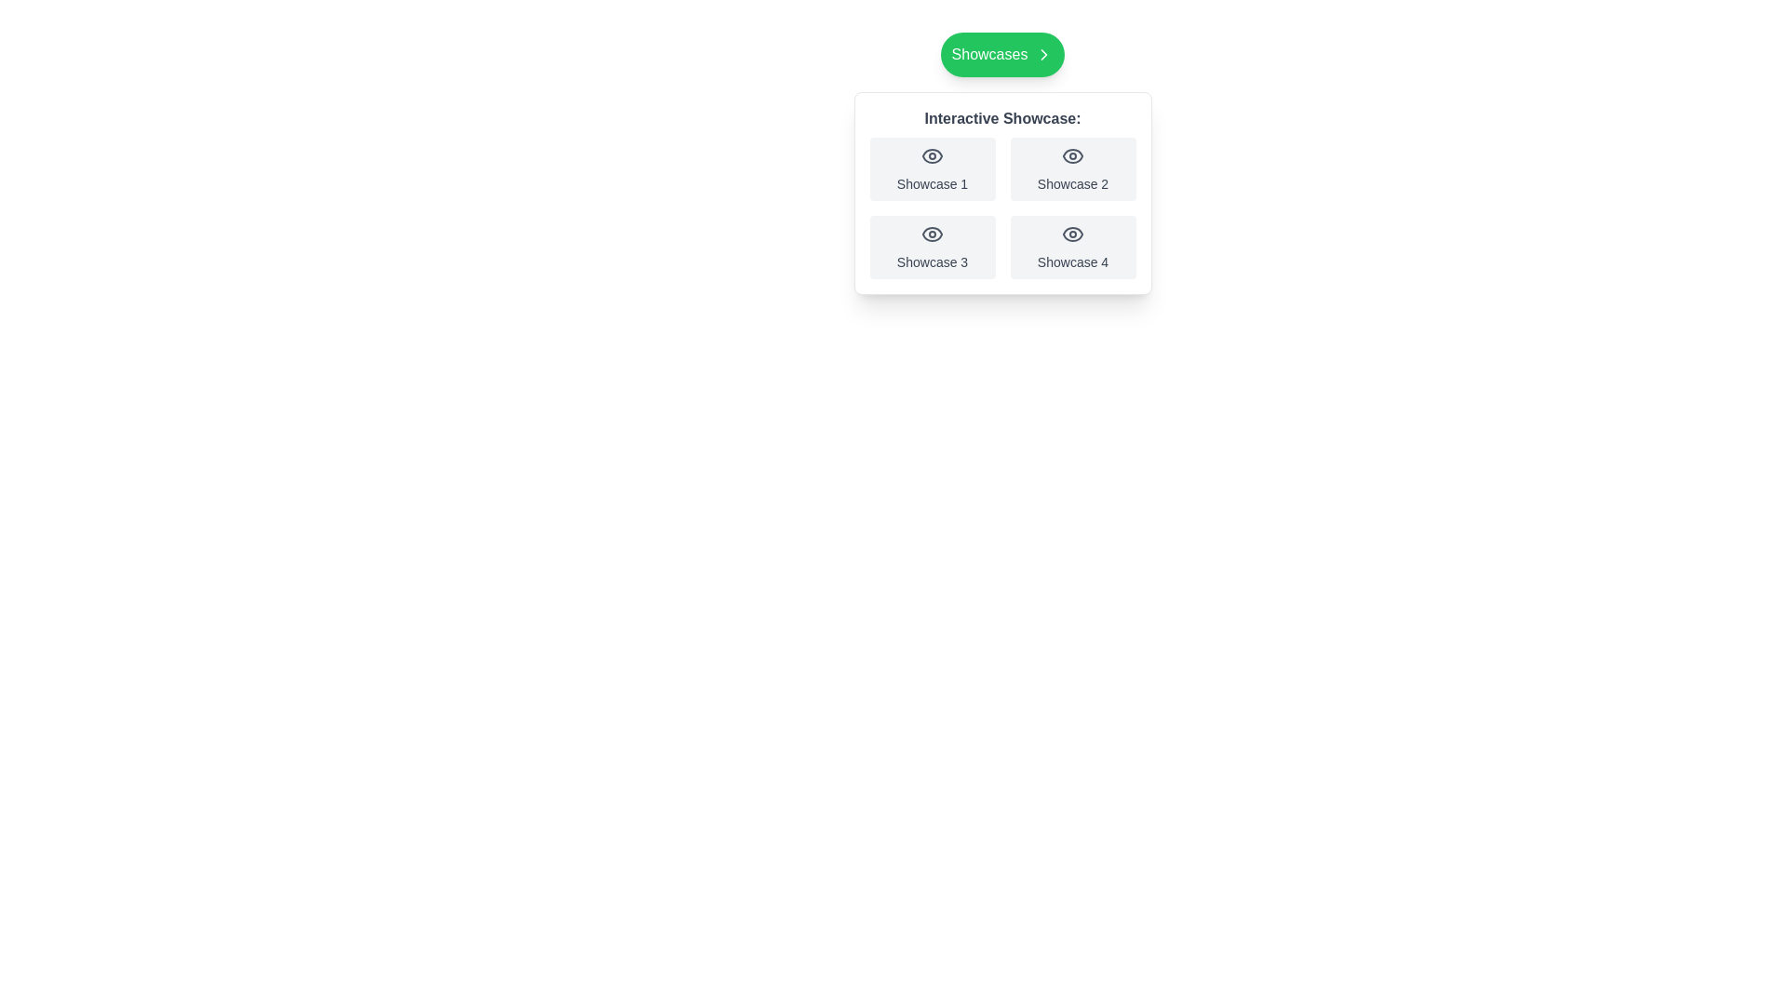  I want to click on text of the label located at the bottom-left card of the 2x2 grid layout under the header 'Interactive Showcase', so click(933, 261).